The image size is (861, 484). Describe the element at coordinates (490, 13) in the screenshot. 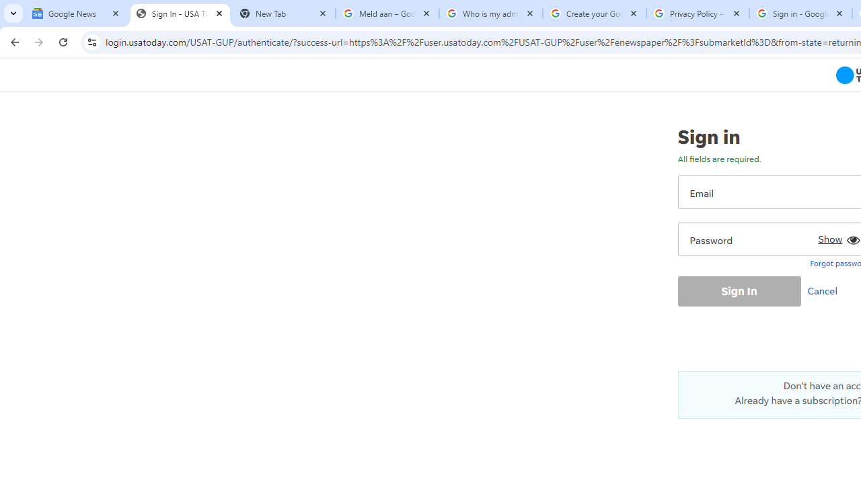

I see `'Who is my administrator? - Google Account Help'` at that location.